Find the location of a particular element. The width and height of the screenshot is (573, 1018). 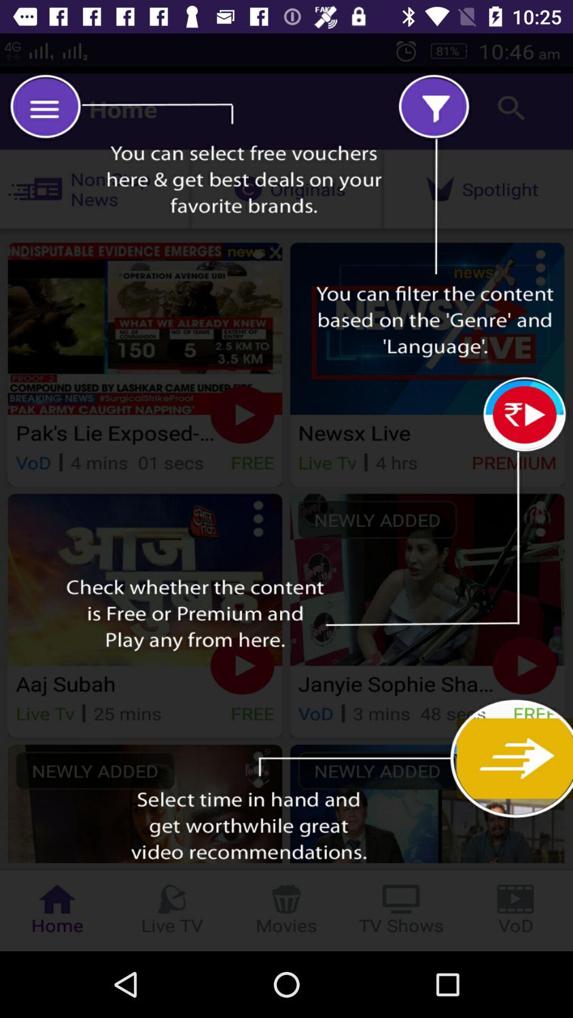

the arrow_forward icon is located at coordinates (522, 764).